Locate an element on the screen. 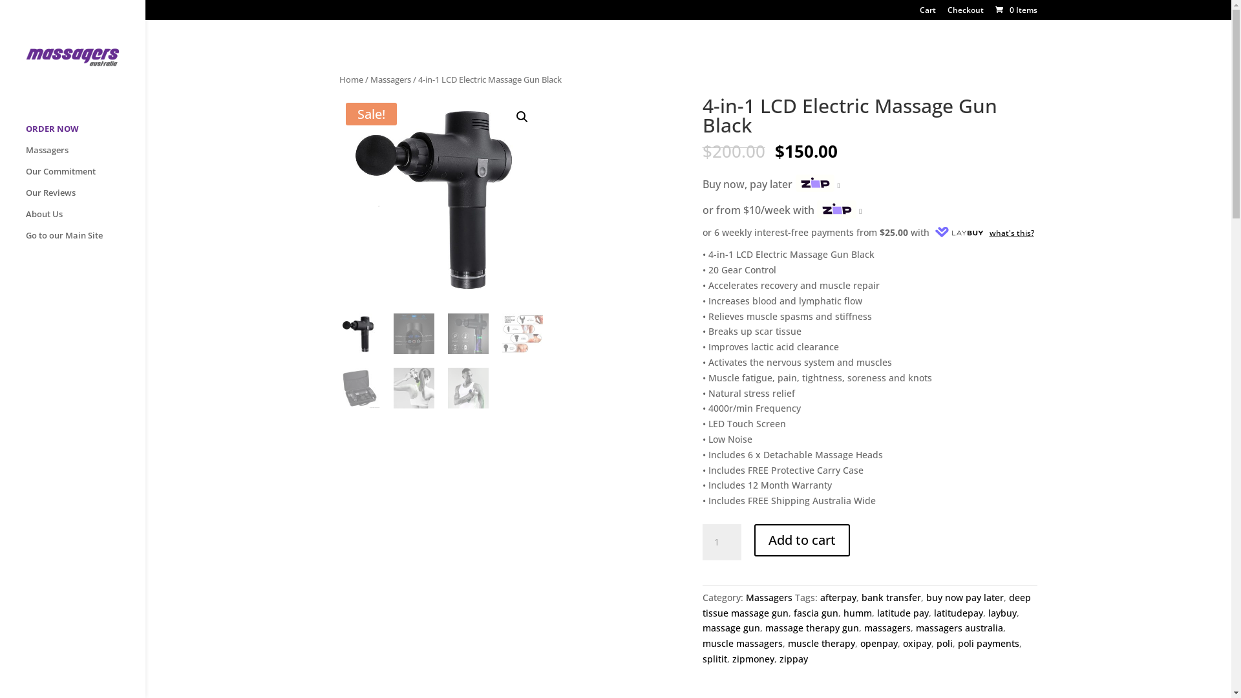 The height and width of the screenshot is (698, 1241). 'Add to cart' is located at coordinates (801, 540).